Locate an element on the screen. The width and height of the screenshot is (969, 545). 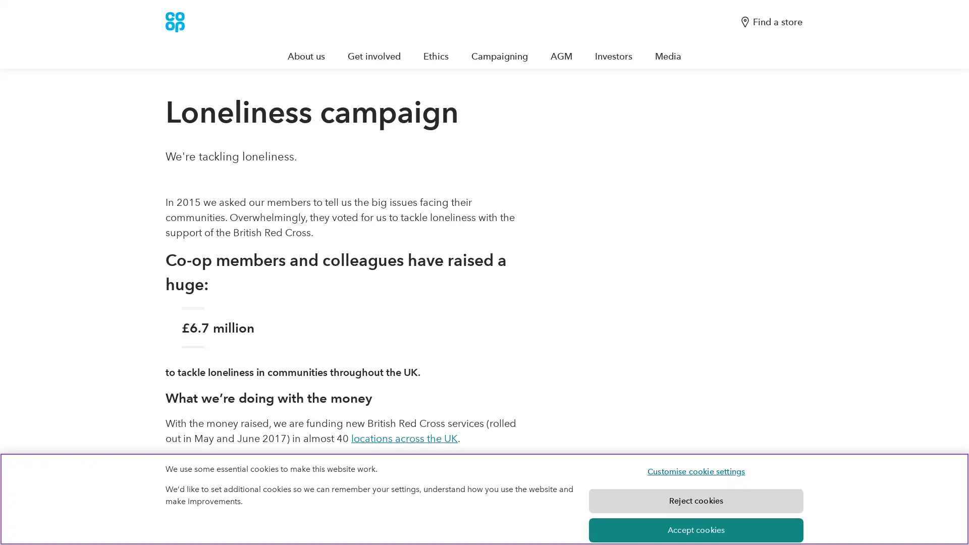
Accept cookies is located at coordinates (695, 529).